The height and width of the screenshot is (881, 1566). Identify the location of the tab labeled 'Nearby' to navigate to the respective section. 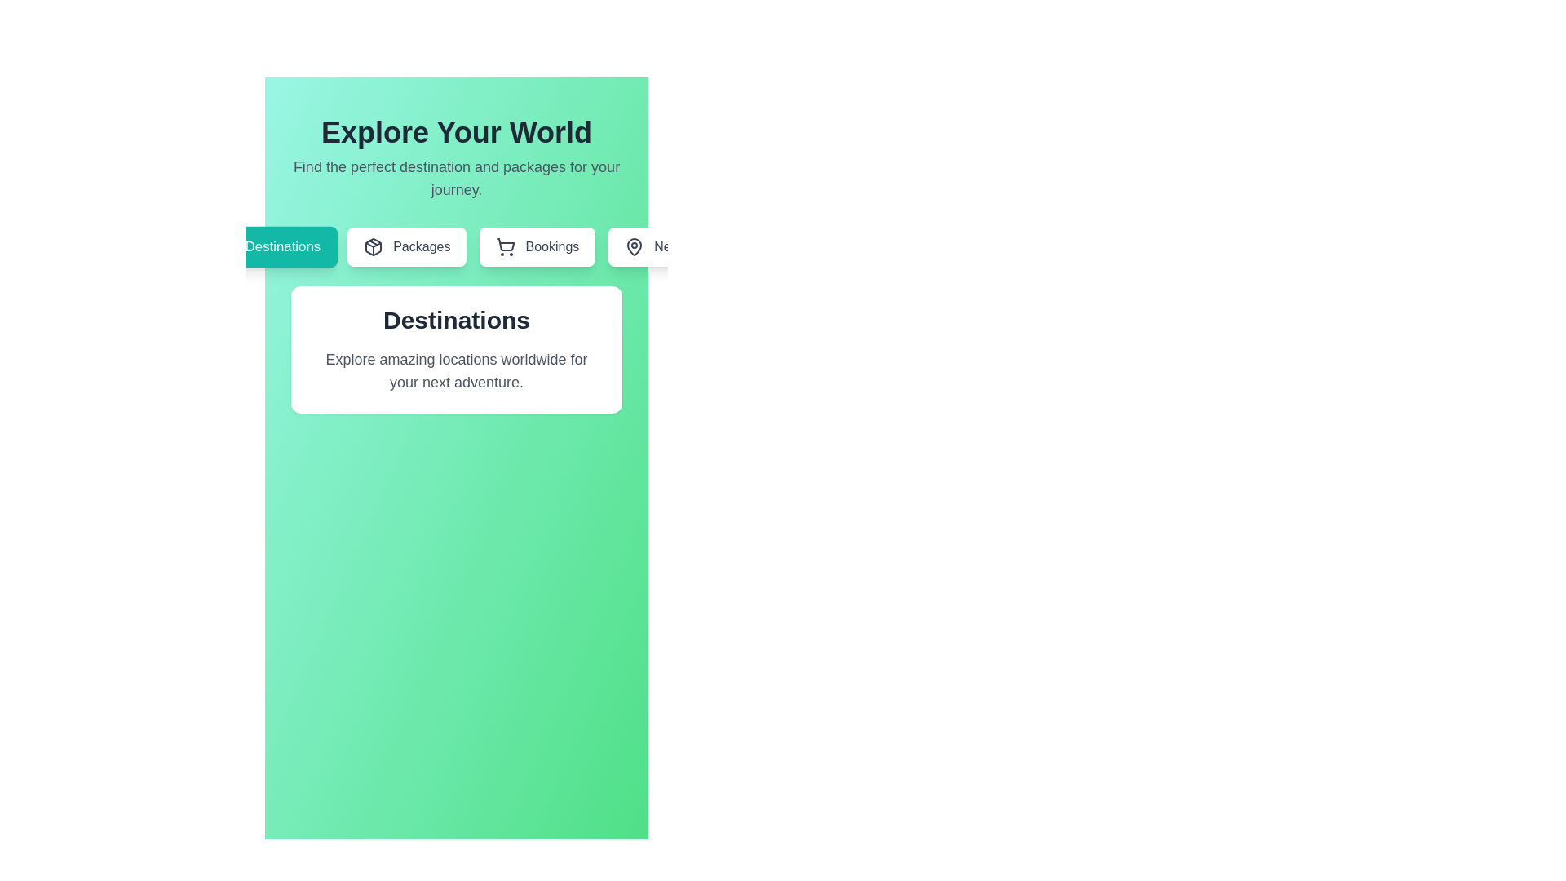
(661, 247).